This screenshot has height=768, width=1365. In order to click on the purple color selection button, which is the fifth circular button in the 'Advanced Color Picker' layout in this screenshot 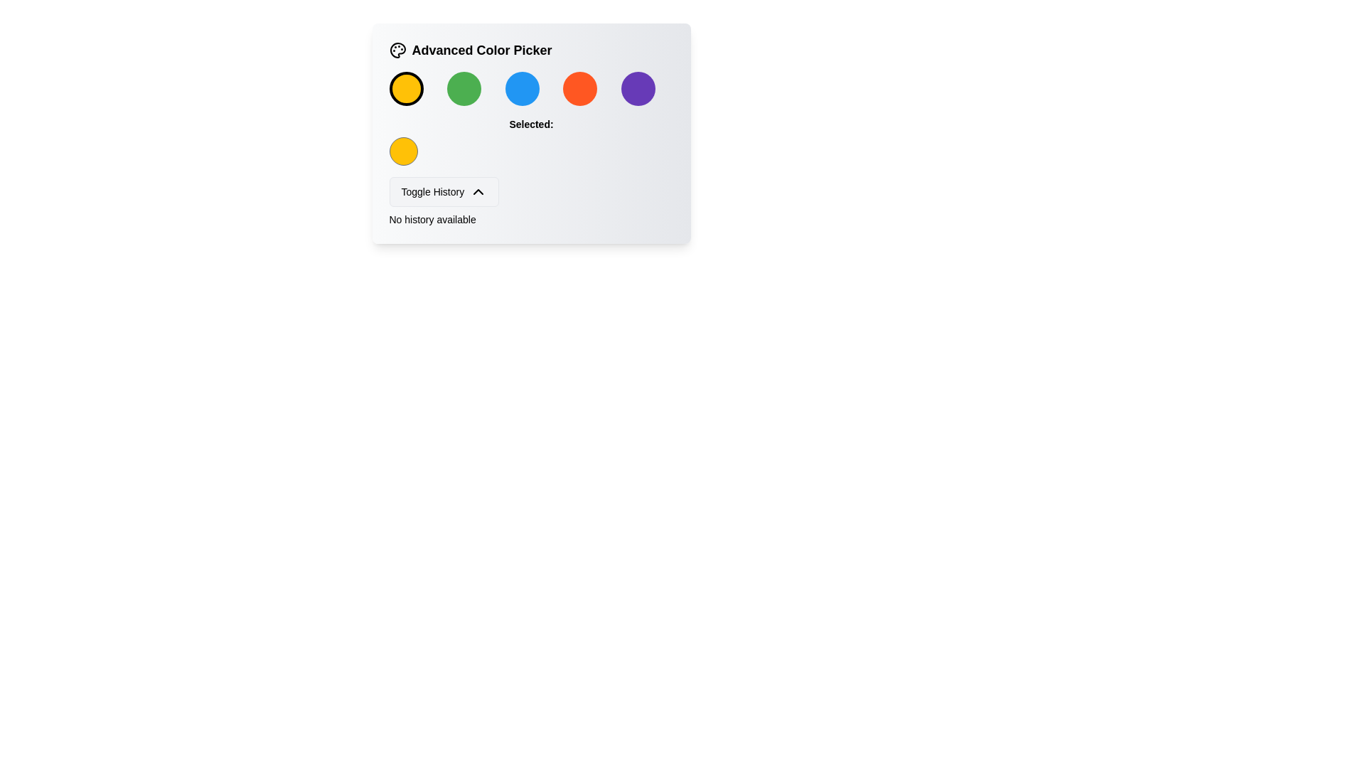, I will do `click(637, 88)`.